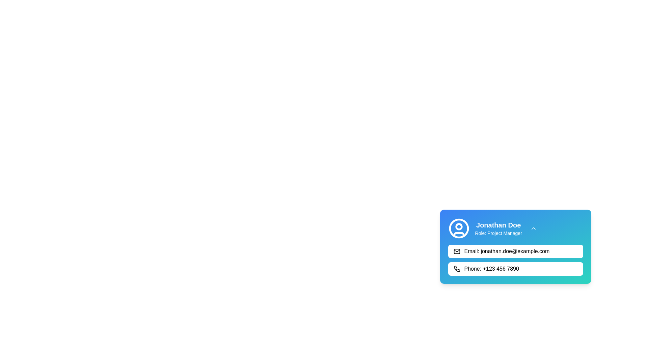 The image size is (648, 364). I want to click on the text block displaying the name 'Jonathan Doe' and the role 'Project Manager' in the profile card located at the top-right section of the card, so click(498, 228).